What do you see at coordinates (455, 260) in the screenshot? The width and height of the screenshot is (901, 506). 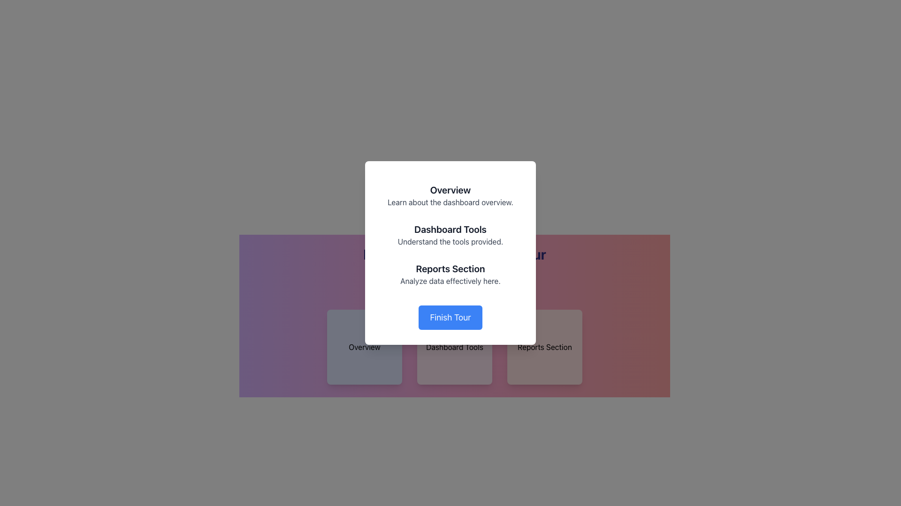 I see `the Text block that provides information about the 'Reports Section' feature in the onboarding modal, positioned between the 'Dashboard Tools' section and the 'Finish Tour' button` at bounding box center [455, 260].